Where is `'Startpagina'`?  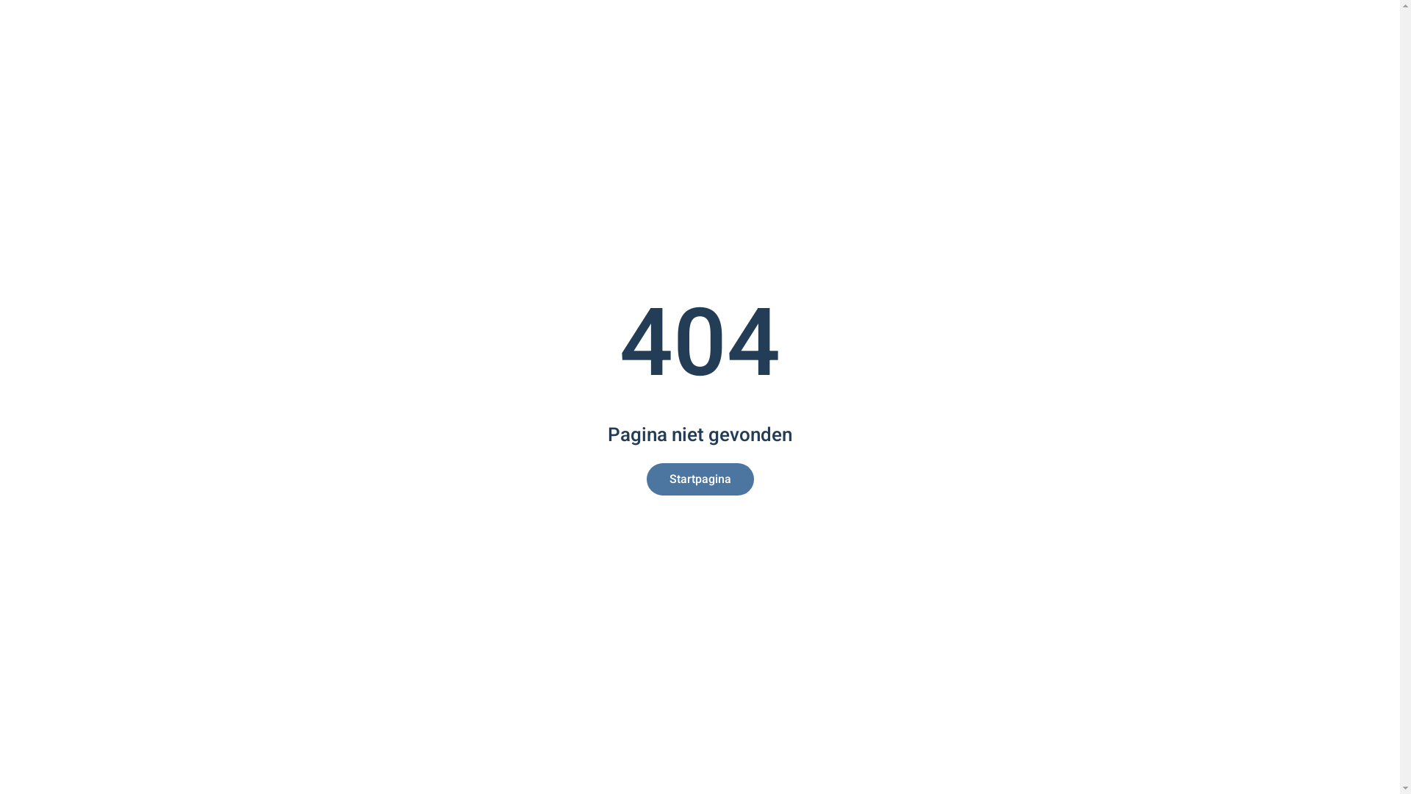 'Startpagina' is located at coordinates (700, 479).